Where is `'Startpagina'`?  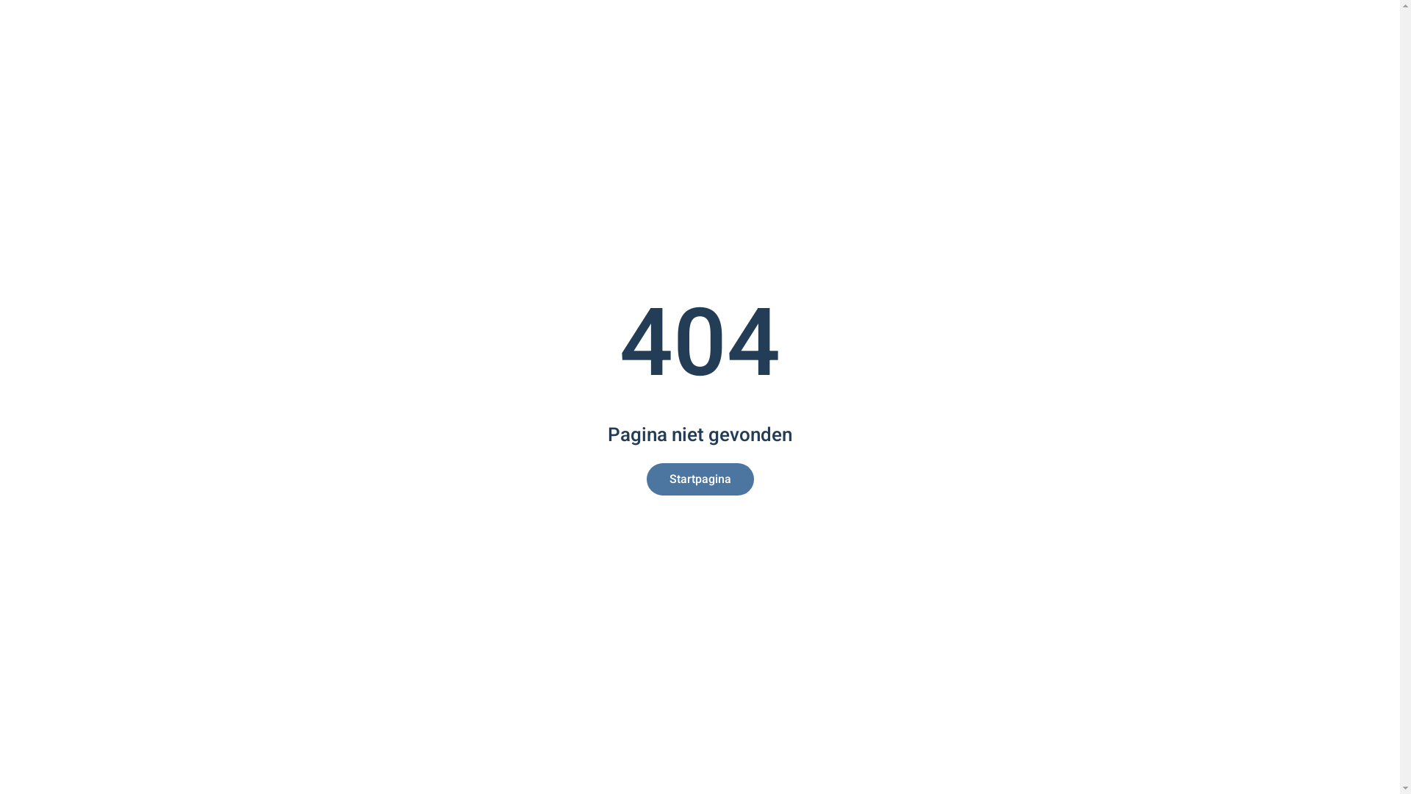 'Startpagina' is located at coordinates (700, 479).